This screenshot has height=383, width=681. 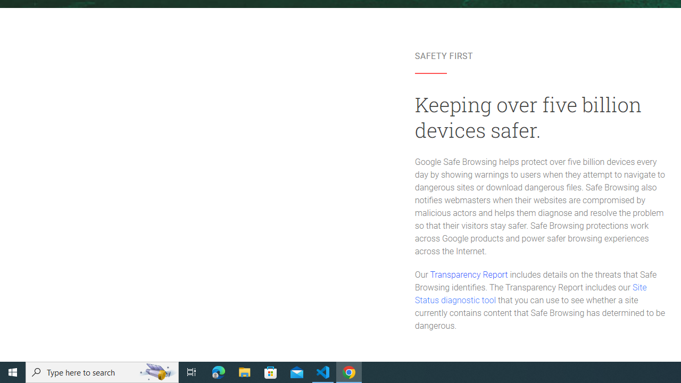 I want to click on 'Transparency Report', so click(x=468, y=274).